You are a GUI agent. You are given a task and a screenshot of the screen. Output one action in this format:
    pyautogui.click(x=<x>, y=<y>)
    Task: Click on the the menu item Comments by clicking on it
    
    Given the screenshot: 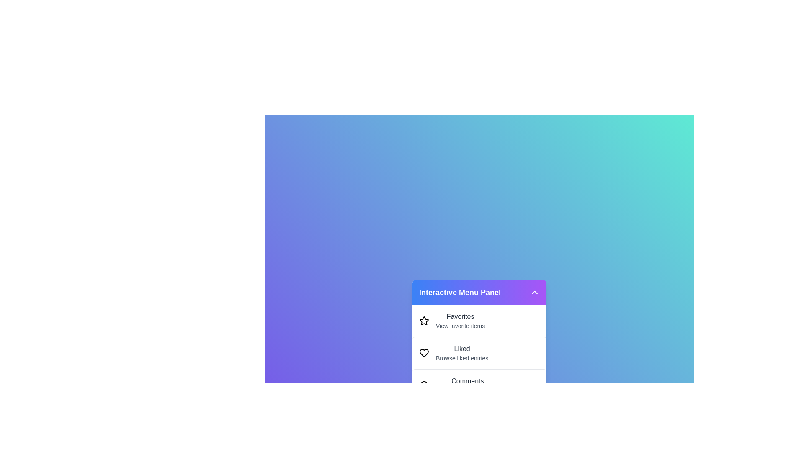 What is the action you would take?
    pyautogui.click(x=479, y=385)
    